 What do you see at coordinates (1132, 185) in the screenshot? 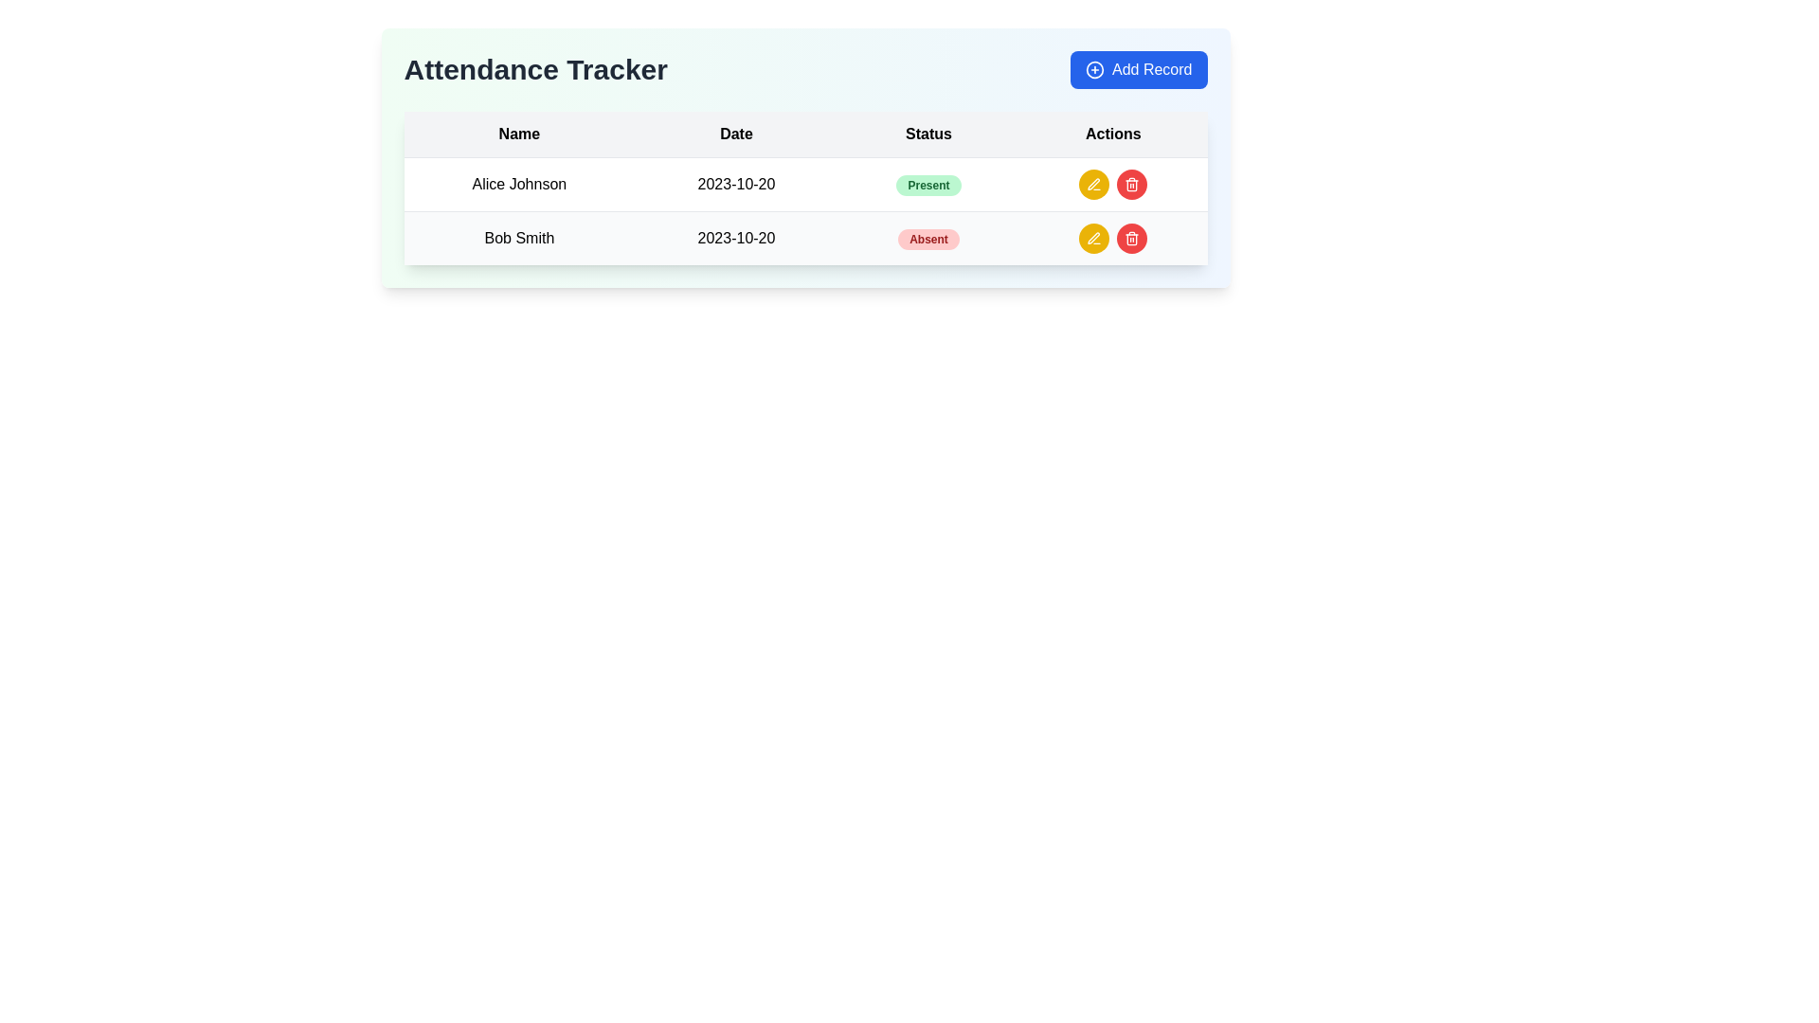
I see `the circular red delete button with a white trash bin icon located in the Actions column of the table row for 'Bob Smith'` at bounding box center [1132, 185].